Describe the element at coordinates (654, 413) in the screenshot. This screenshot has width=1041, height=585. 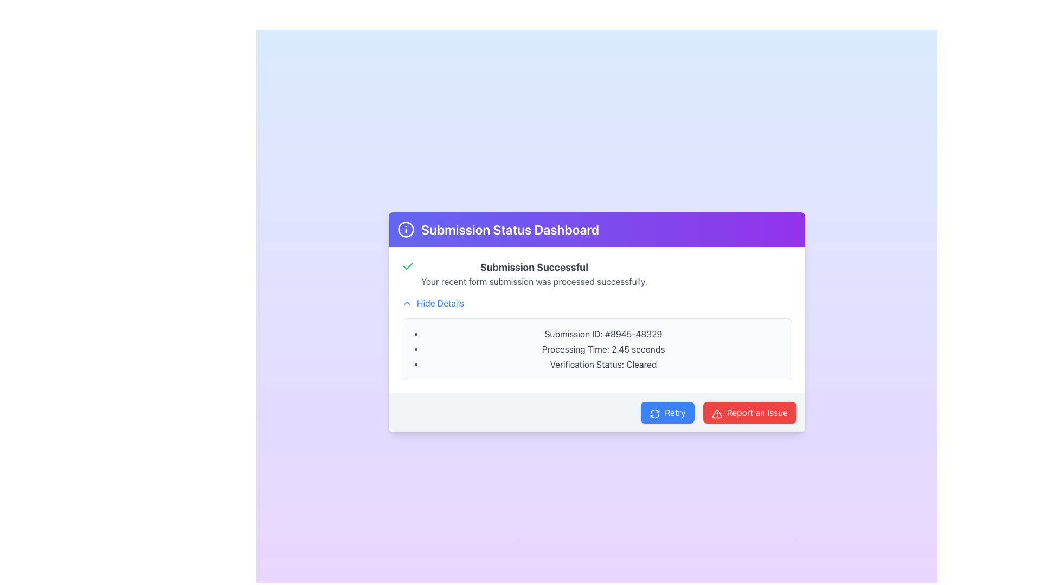
I see `the retry icon located to the left of the 'Retry' text inside the blue rectangular button at the lower-right area of the card` at that location.